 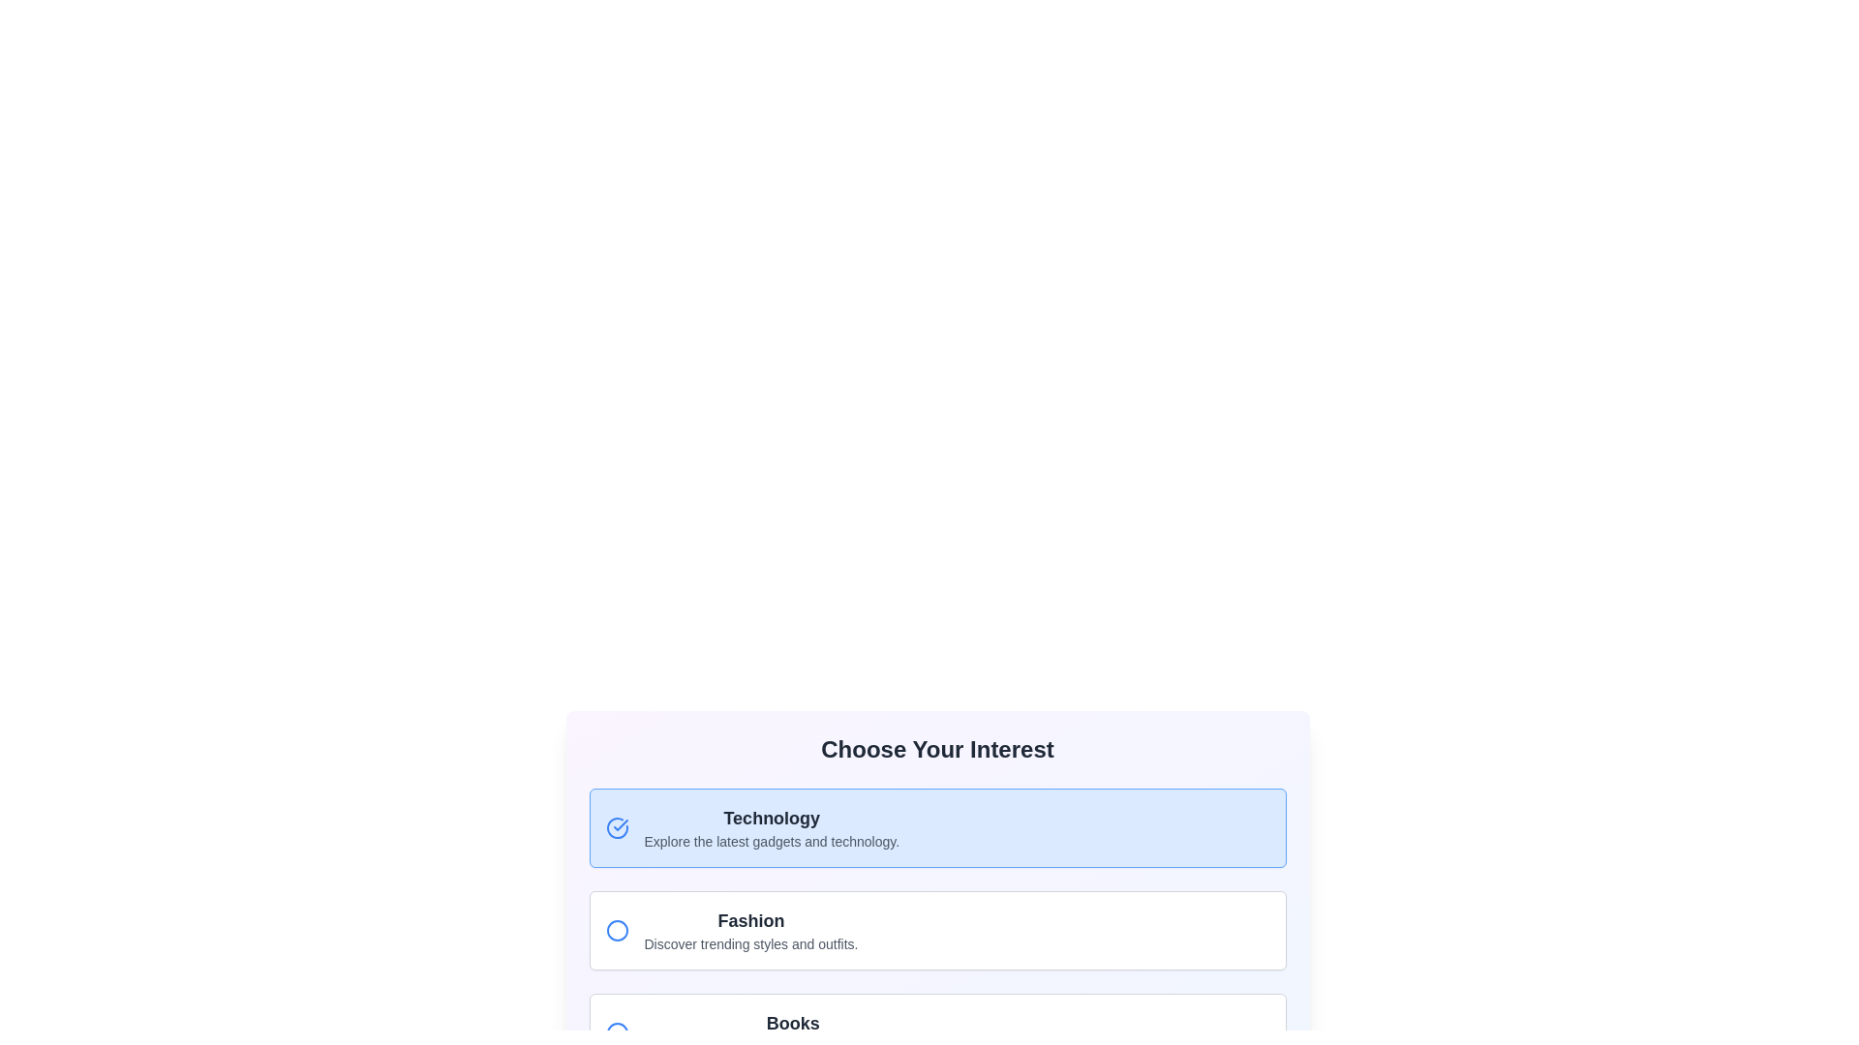 I want to click on the Text Display element that shows 'Technology' with a subtitle, so click(x=771, y=827).